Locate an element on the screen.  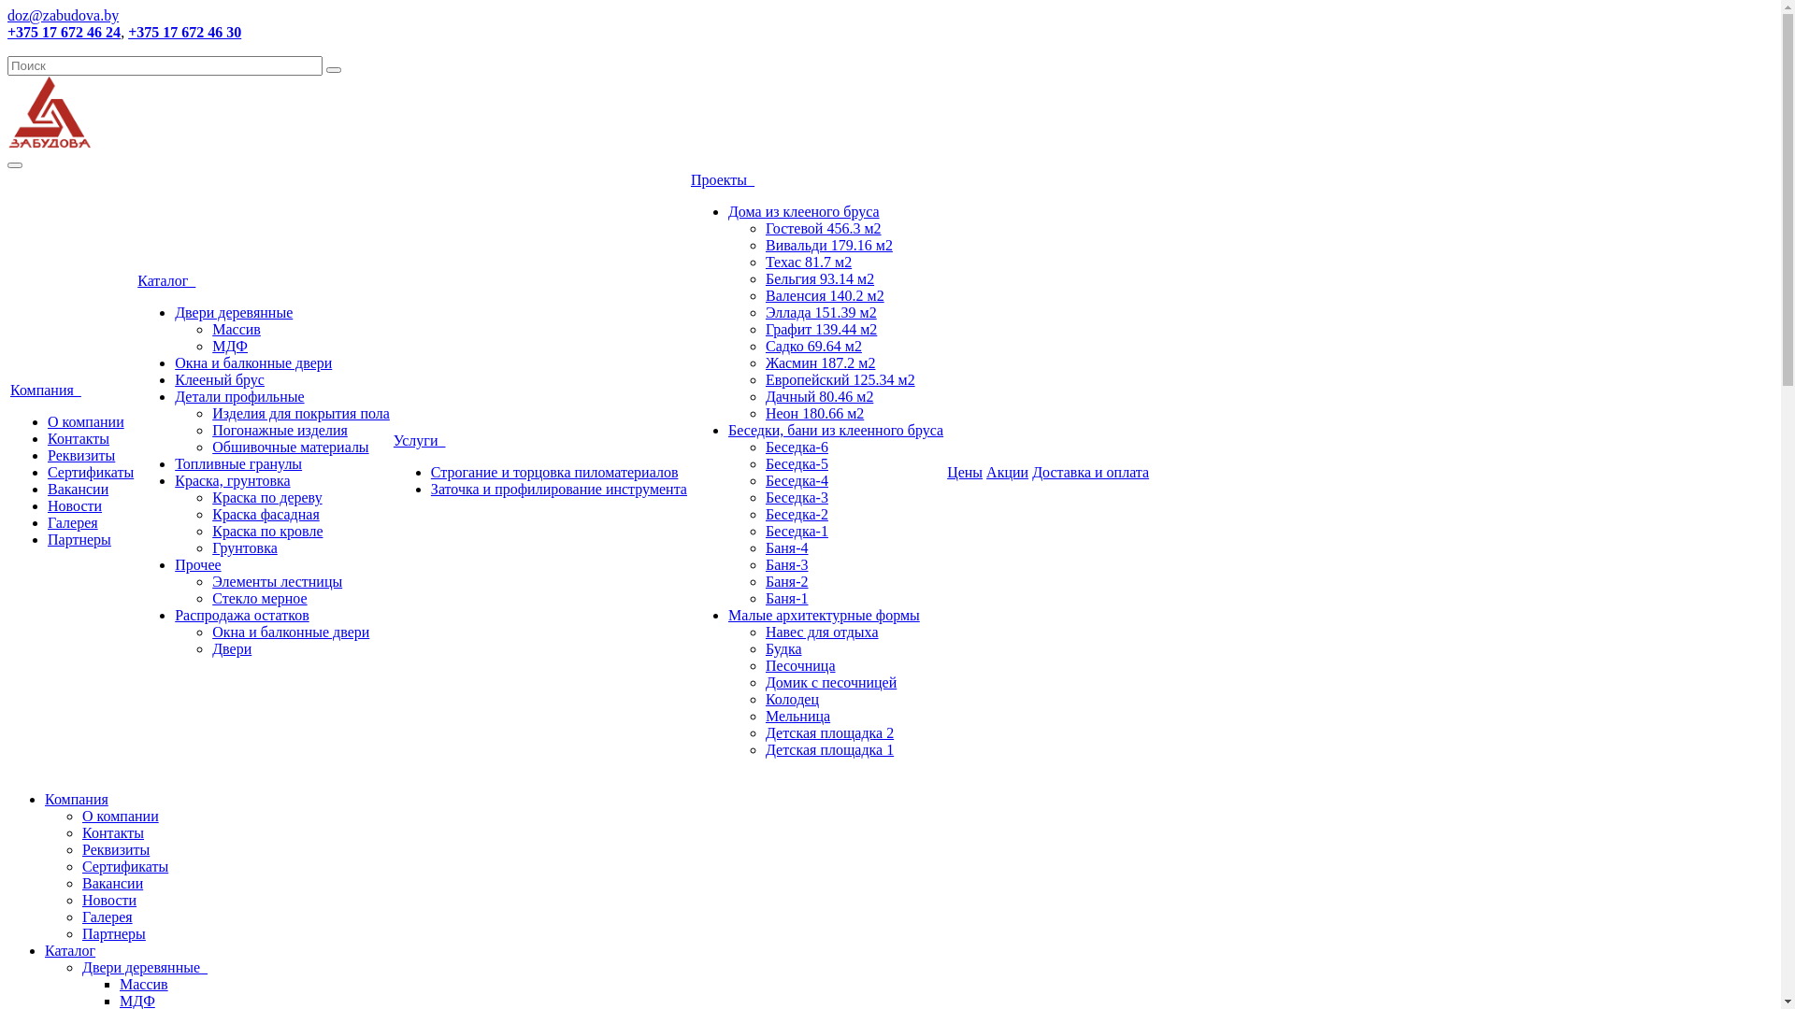
'+375 17 672 46 30' is located at coordinates (127, 32).